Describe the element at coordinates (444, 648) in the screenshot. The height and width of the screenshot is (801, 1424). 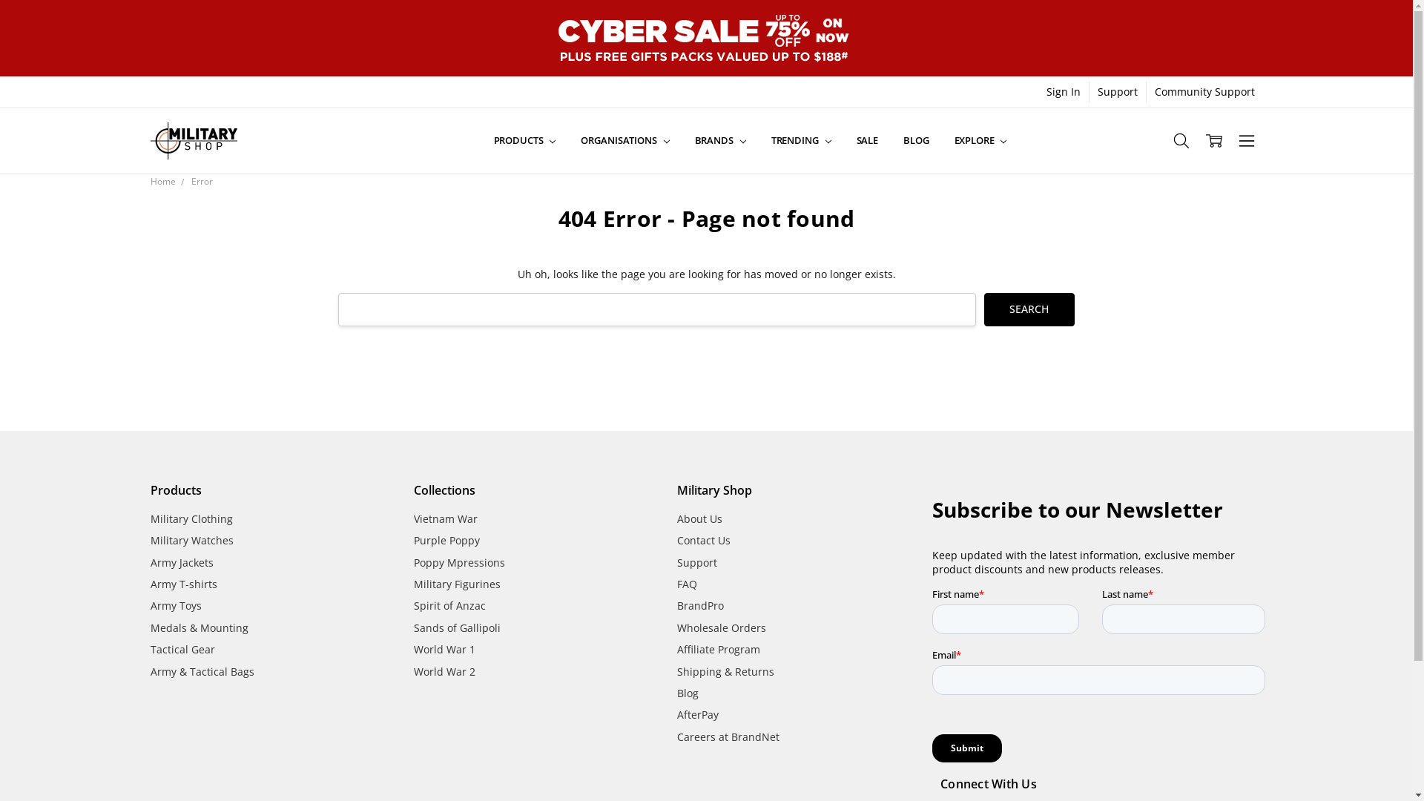
I see `'World War 1'` at that location.